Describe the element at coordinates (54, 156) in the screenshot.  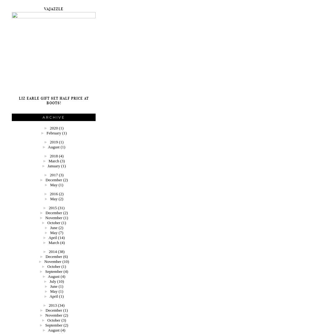
I see `'2018'` at that location.